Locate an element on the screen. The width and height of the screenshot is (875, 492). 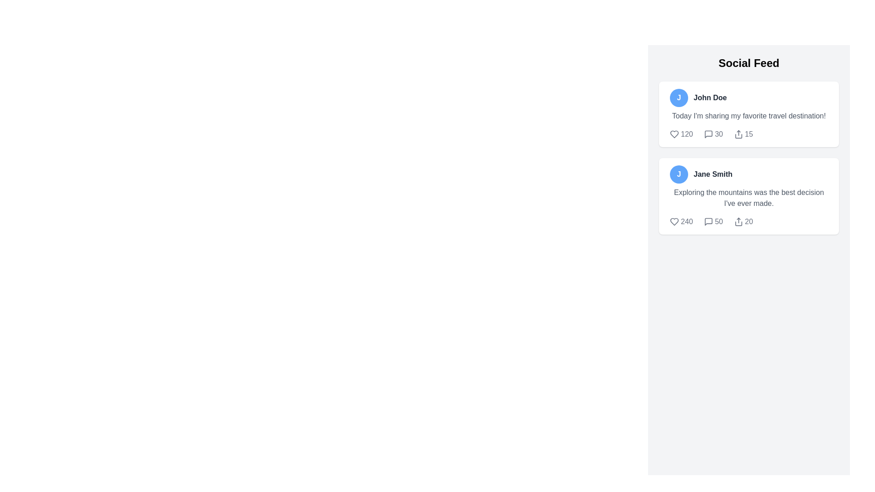
the heart icon displaying a count of '240' is located at coordinates (681, 221).